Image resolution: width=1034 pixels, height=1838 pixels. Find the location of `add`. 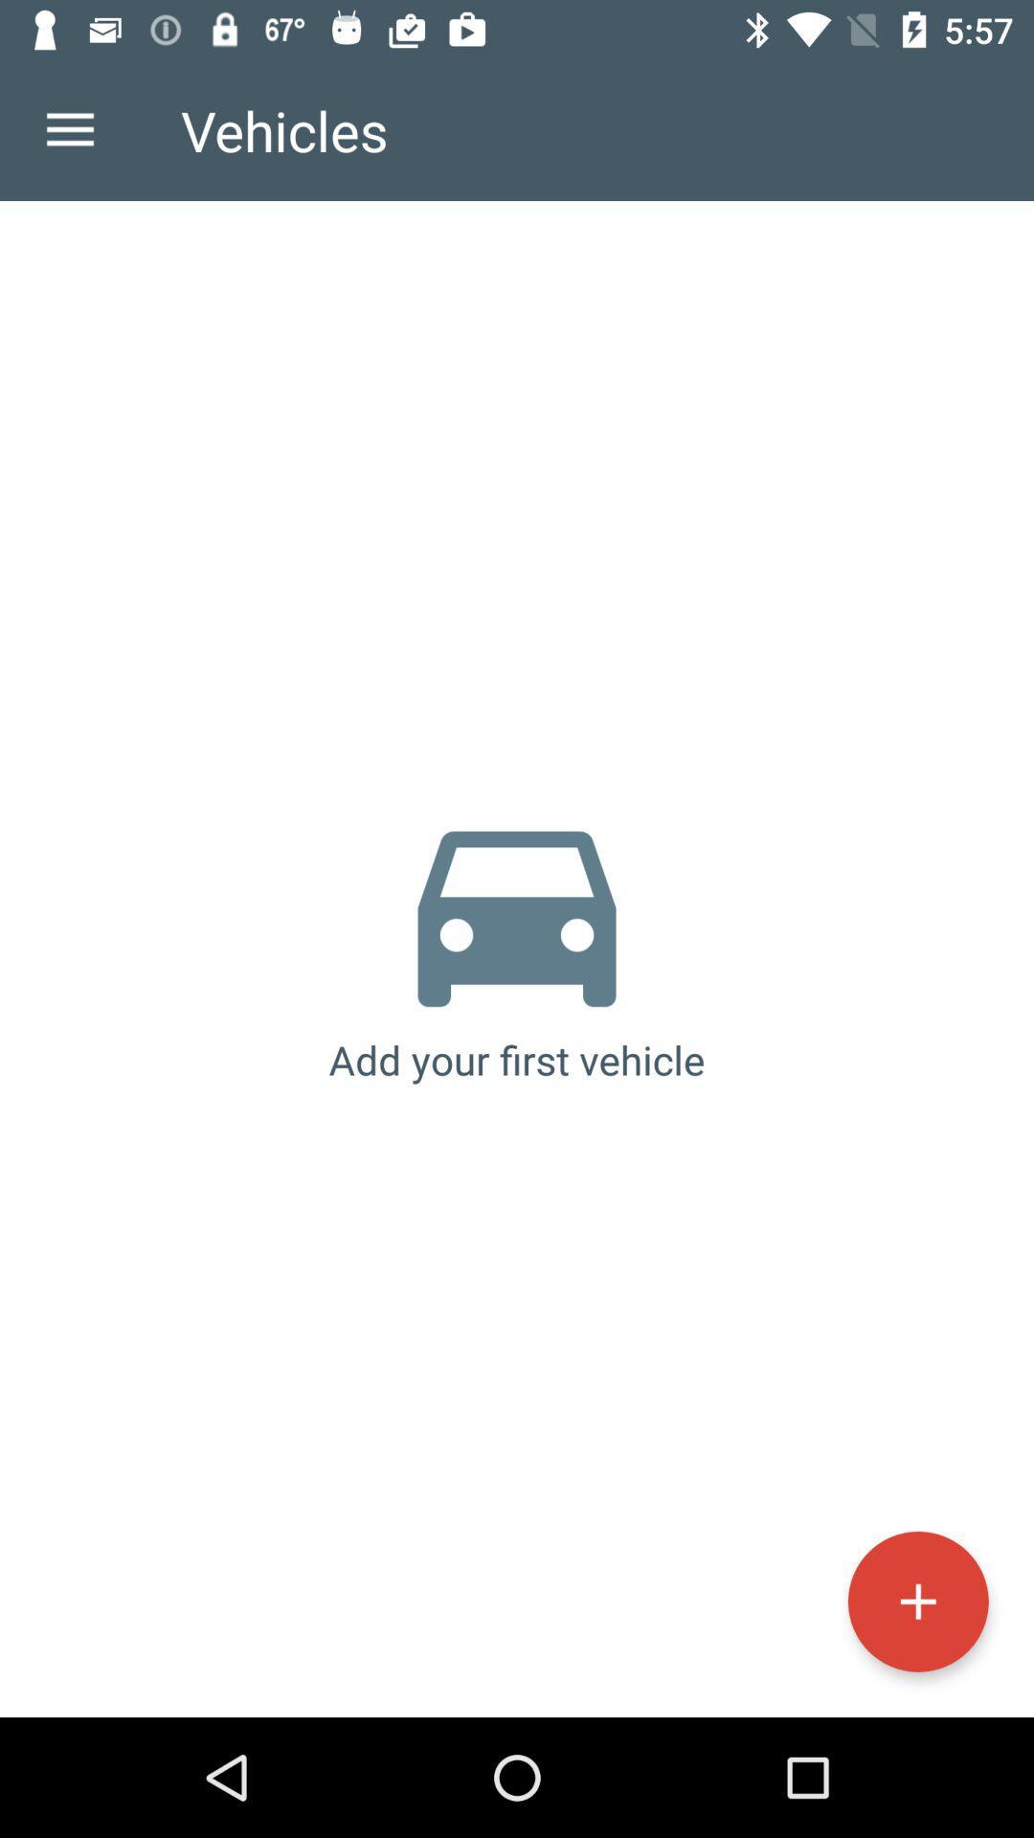

add is located at coordinates (917, 1602).